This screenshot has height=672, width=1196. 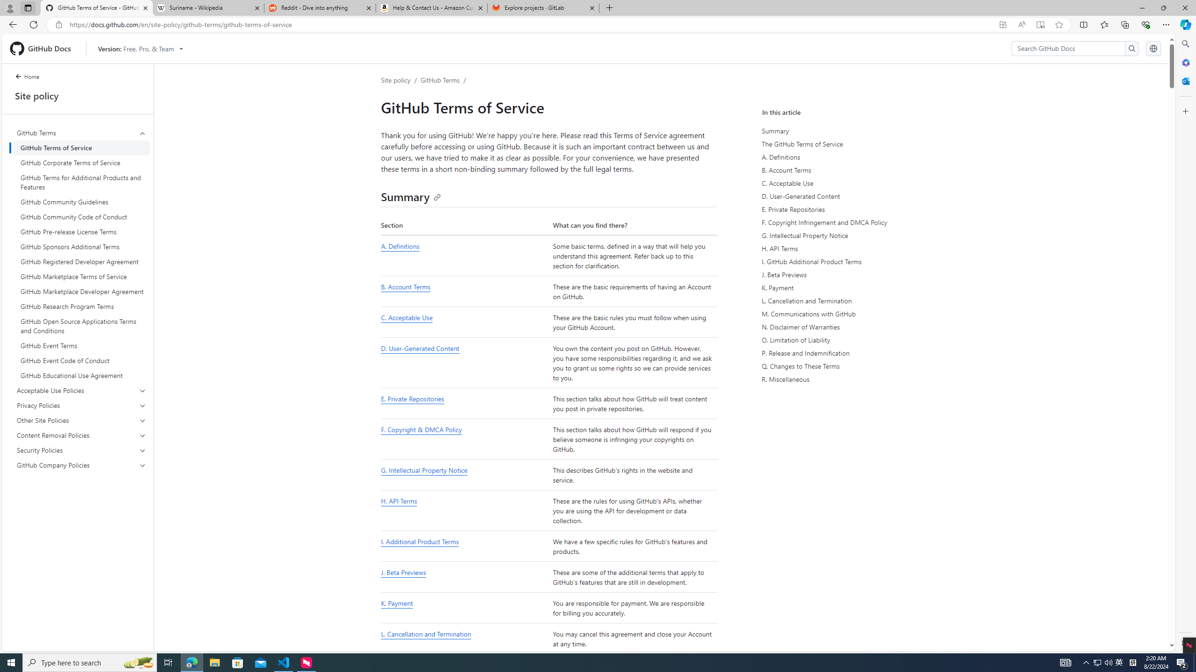 What do you see at coordinates (81, 345) in the screenshot?
I see `'GitHub Event Terms'` at bounding box center [81, 345].